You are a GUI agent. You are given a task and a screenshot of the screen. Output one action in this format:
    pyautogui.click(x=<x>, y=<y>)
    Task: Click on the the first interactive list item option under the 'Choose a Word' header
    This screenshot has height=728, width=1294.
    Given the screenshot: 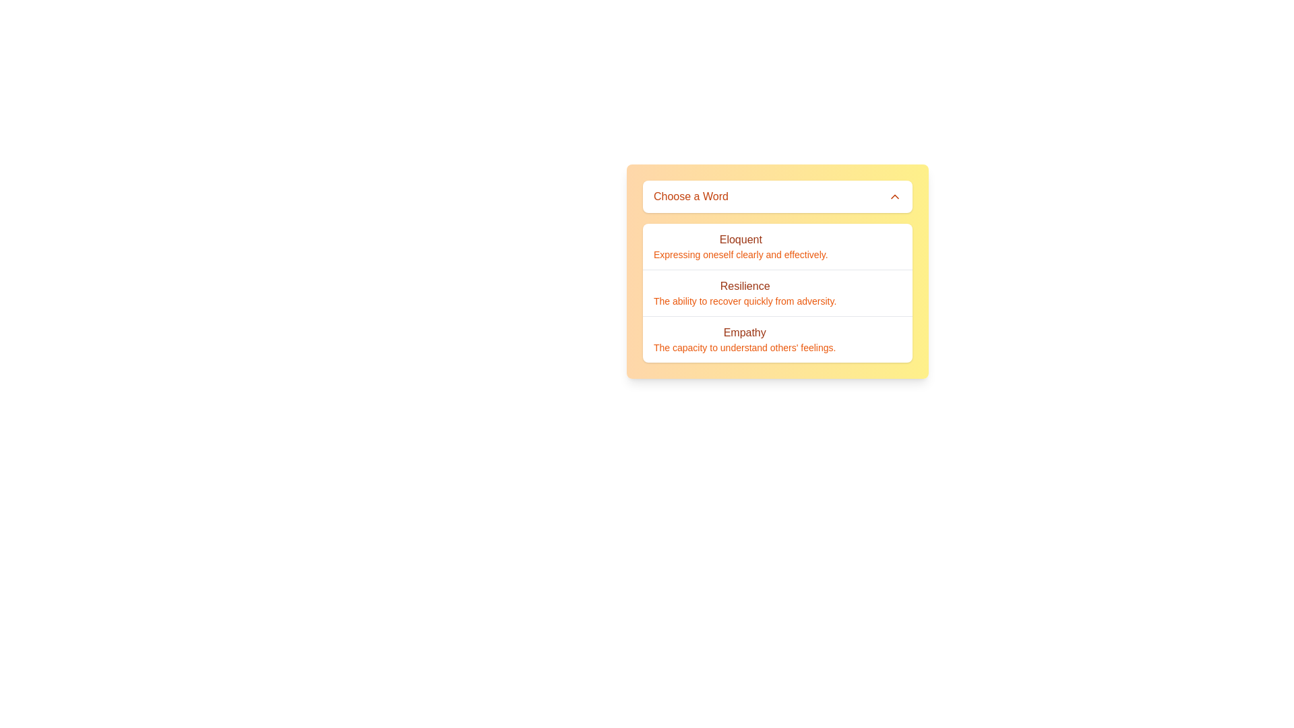 What is the action you would take?
    pyautogui.click(x=777, y=247)
    